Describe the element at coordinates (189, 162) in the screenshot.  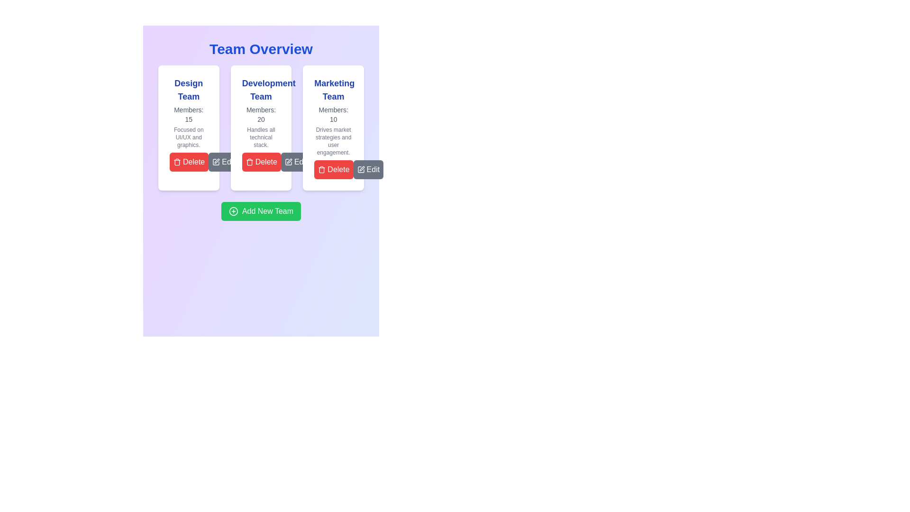
I see `the red rectangular 'Delete' button with a trash can icon located within the 'Design Team' card` at that location.